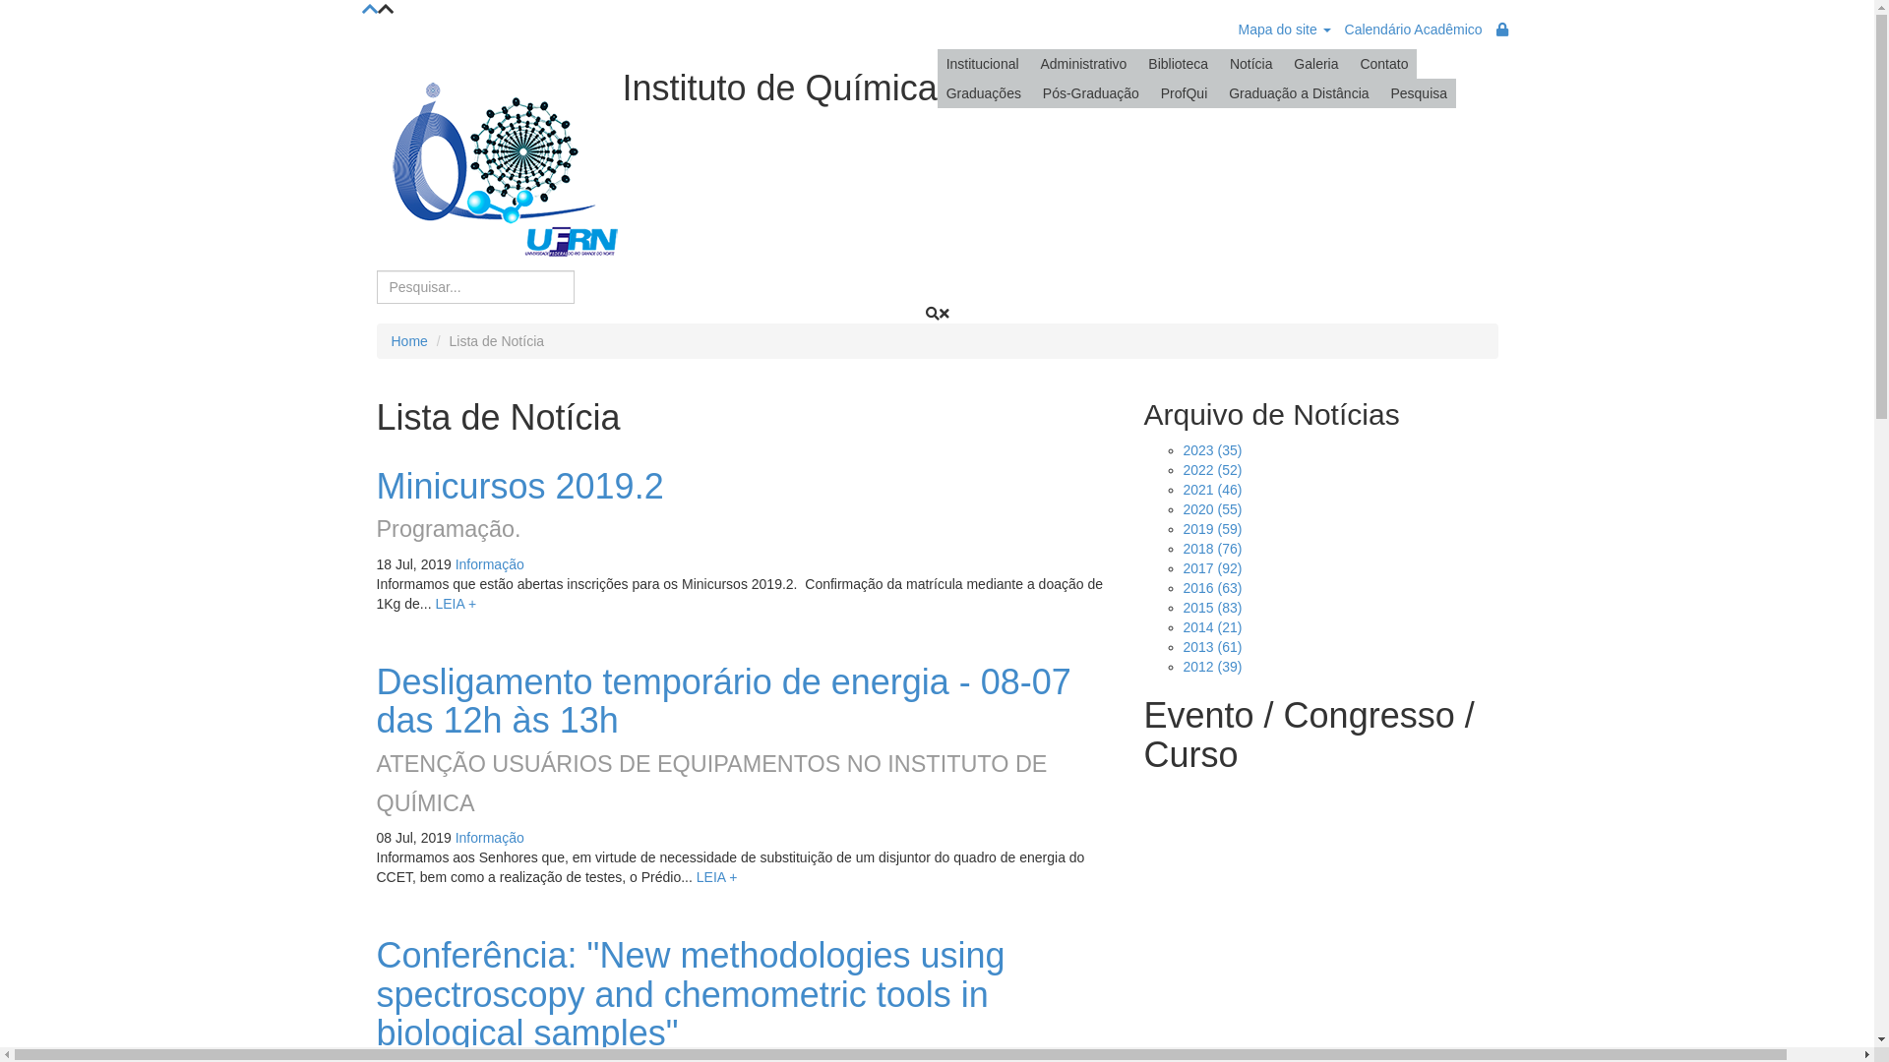  I want to click on '2012 (39)', so click(1211, 666).